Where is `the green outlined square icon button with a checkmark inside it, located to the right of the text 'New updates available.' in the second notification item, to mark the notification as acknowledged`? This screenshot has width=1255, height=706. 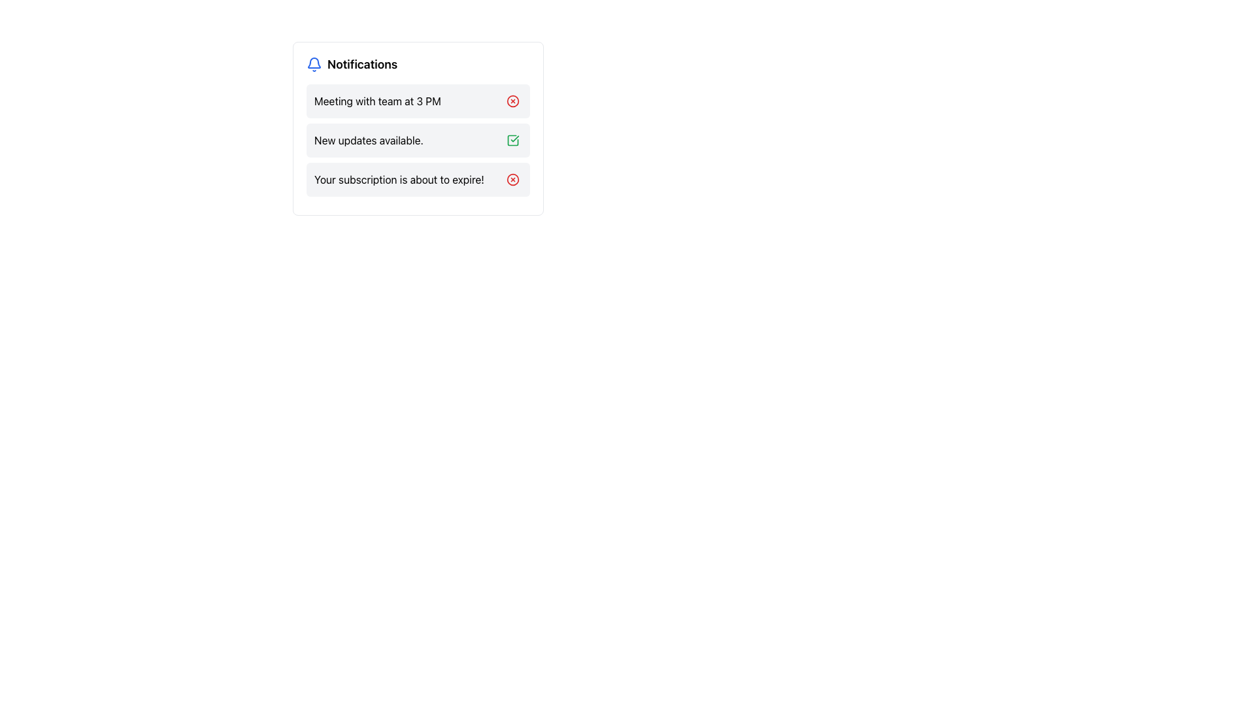 the green outlined square icon button with a checkmark inside it, located to the right of the text 'New updates available.' in the second notification item, to mark the notification as acknowledged is located at coordinates (512, 141).